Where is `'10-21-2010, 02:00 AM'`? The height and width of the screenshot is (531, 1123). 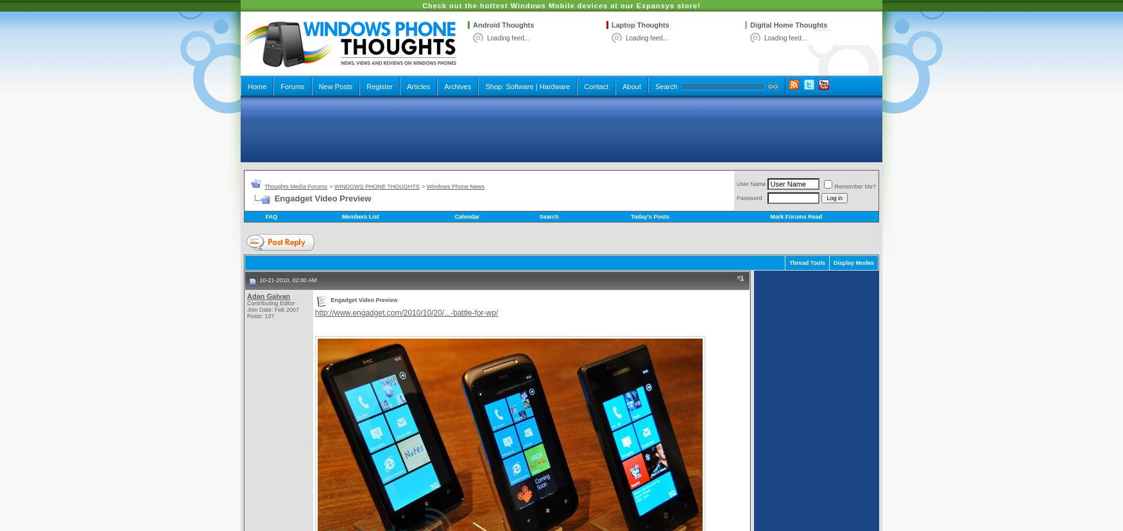 '10-21-2010, 02:00 AM' is located at coordinates (287, 280).